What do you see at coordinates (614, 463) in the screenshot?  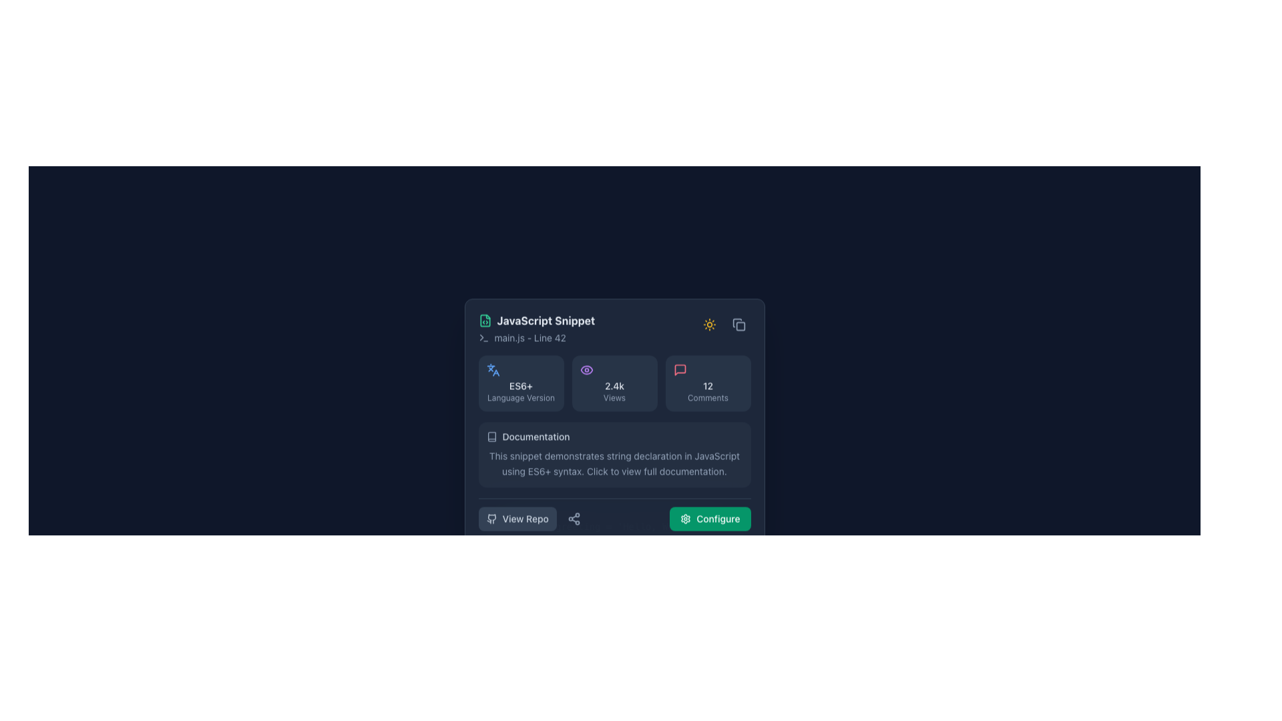 I see `the text block providing descriptive information about string declaration in JavaScript using ES6+ syntax, located at the bottom of the 'Documentation' section` at bounding box center [614, 463].